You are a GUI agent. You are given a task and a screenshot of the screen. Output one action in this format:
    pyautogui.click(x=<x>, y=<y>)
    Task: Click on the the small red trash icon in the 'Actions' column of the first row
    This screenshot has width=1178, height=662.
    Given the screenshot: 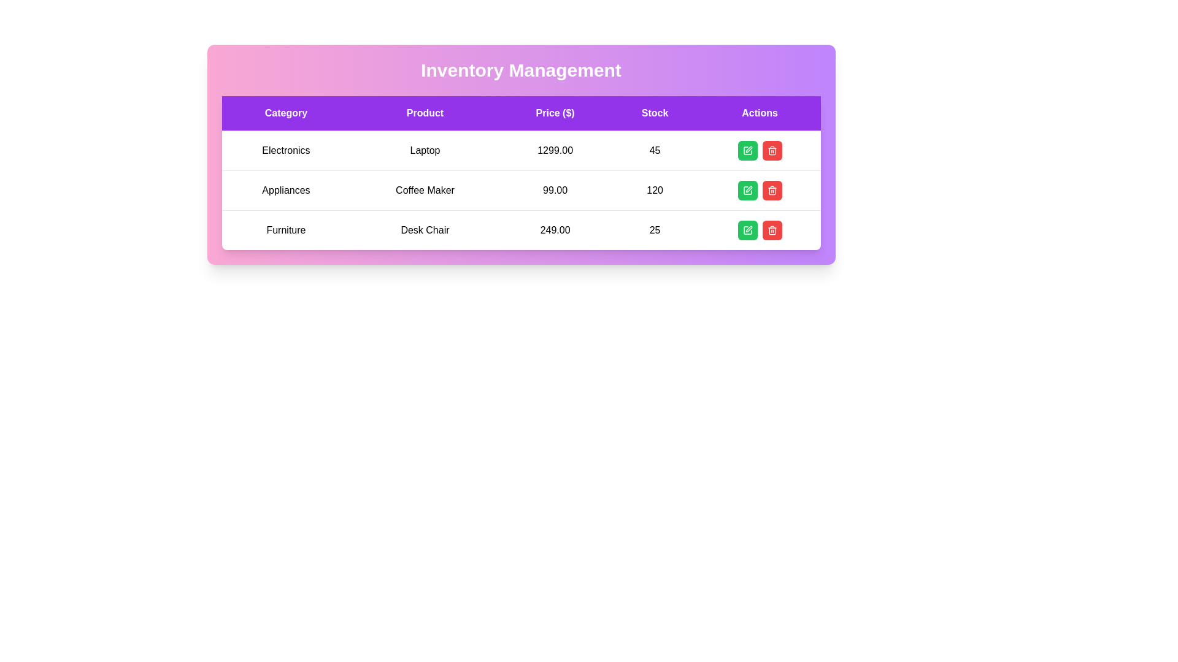 What is the action you would take?
    pyautogui.click(x=771, y=150)
    